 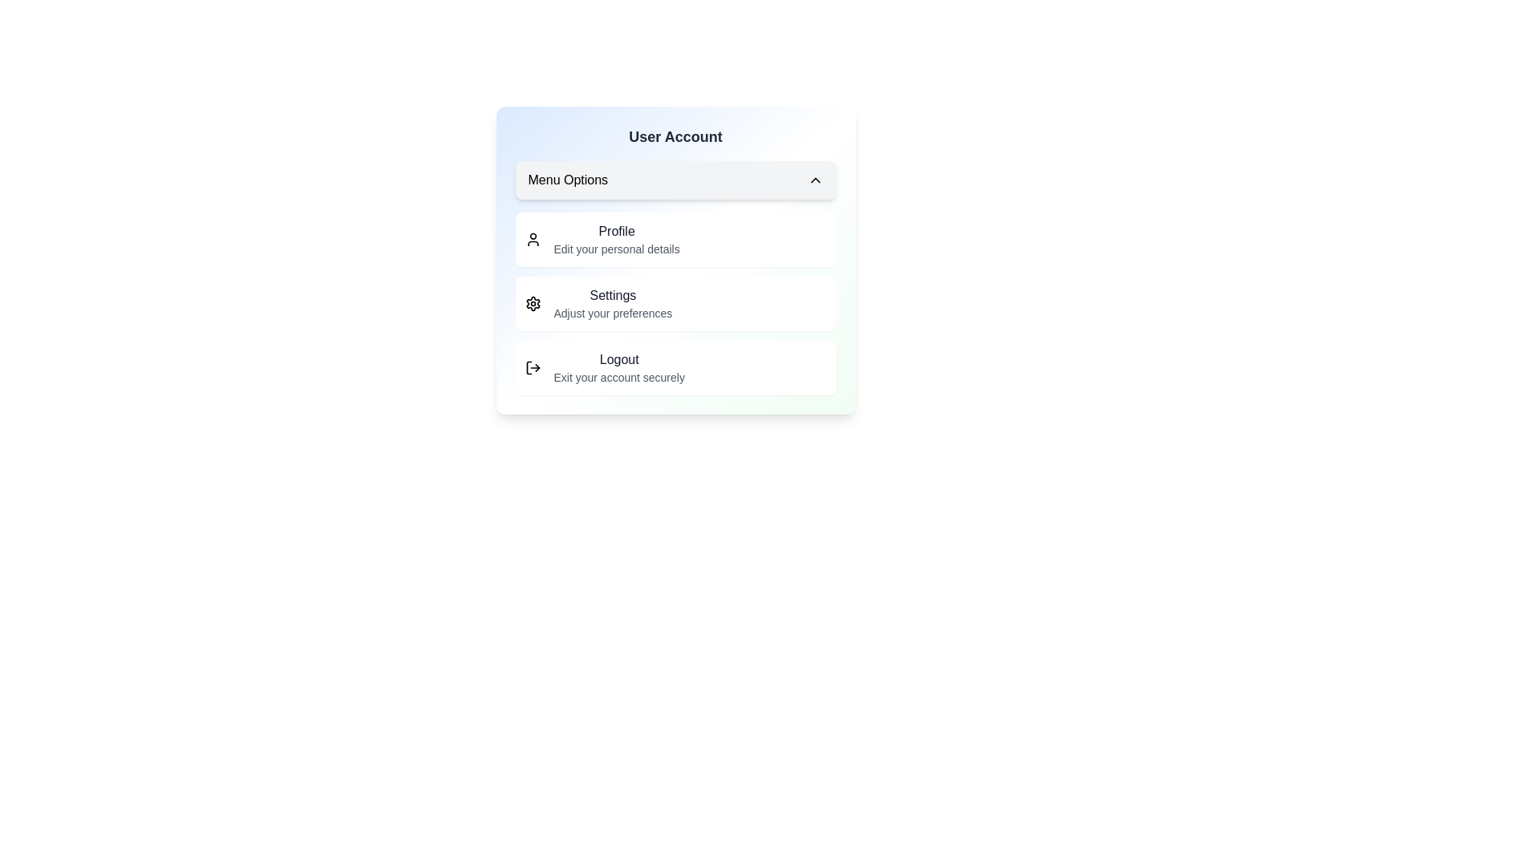 I want to click on the 'Menu Options' button to toggle the visibility of the menu, so click(x=675, y=180).